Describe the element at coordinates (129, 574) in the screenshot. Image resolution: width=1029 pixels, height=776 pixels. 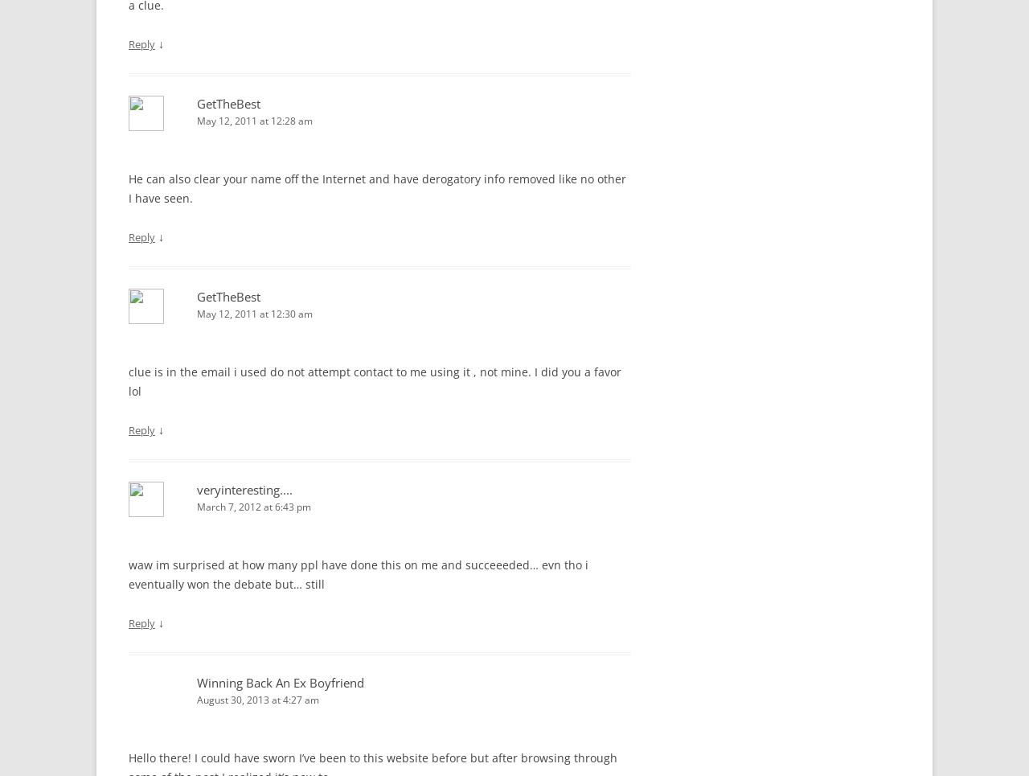
I see `'waw im surprised at how many ppl have done this on me and succeeeded… evn tho i eventually won the debate but… still'` at that location.